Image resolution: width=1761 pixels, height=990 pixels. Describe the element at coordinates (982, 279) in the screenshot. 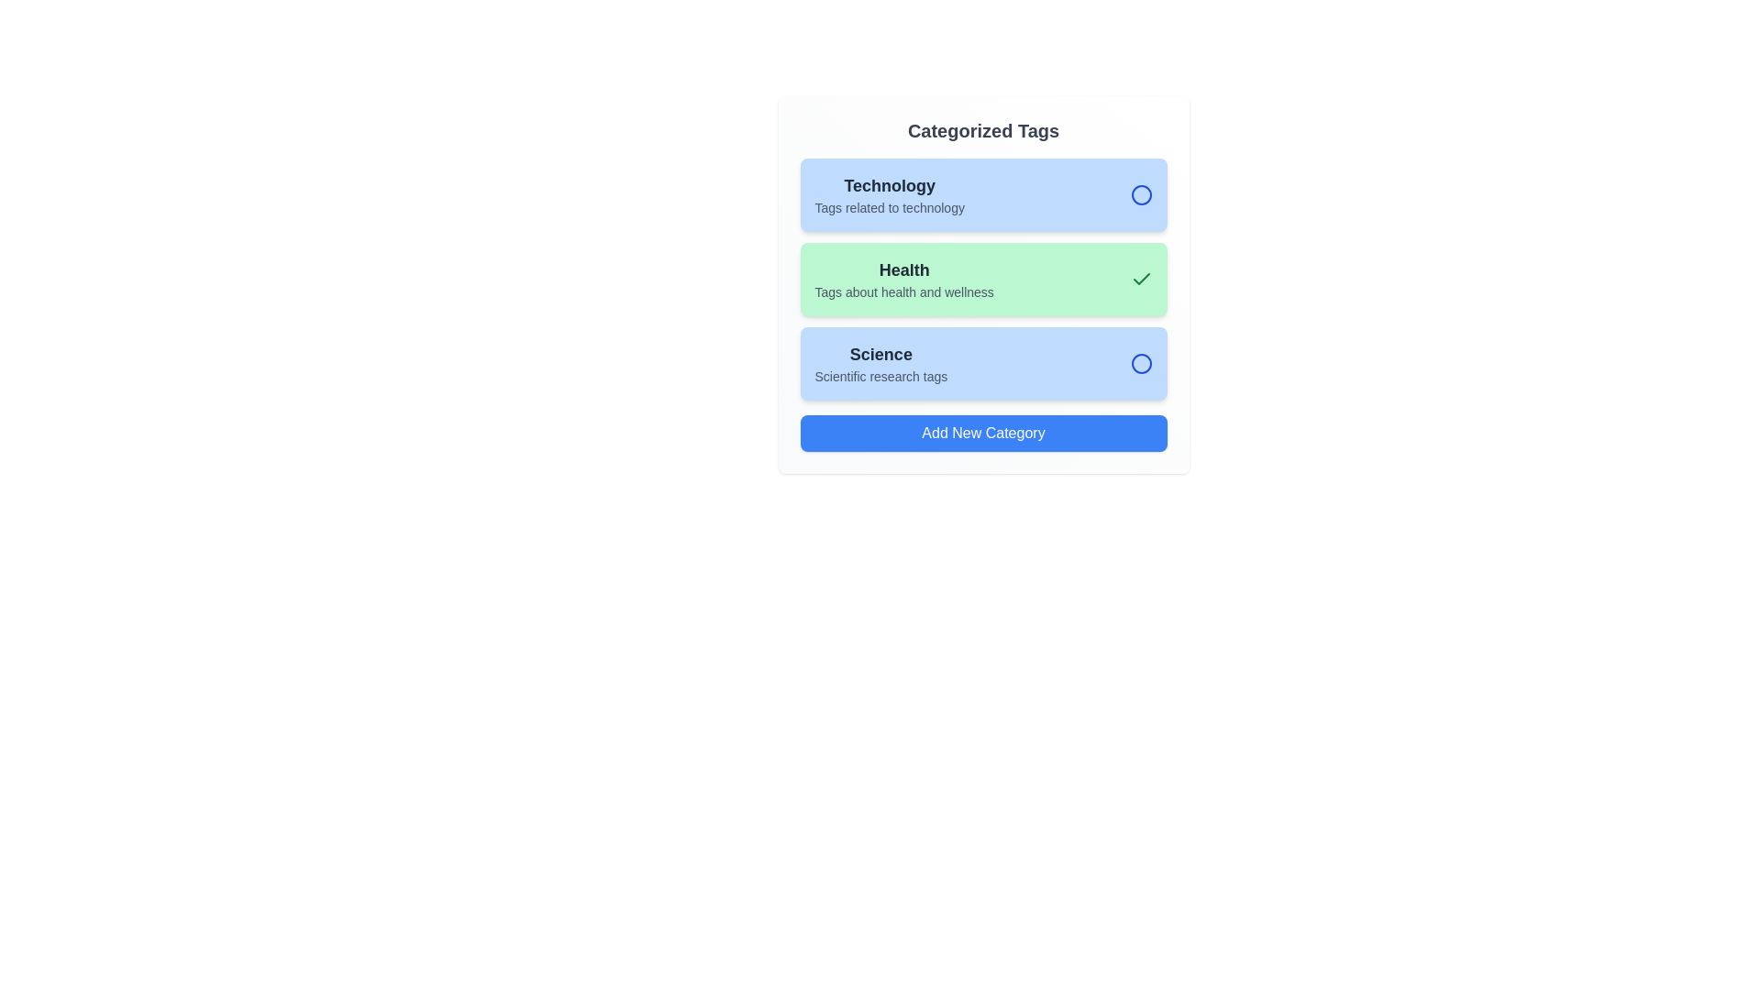

I see `the category Health to observe the hover effect` at that location.